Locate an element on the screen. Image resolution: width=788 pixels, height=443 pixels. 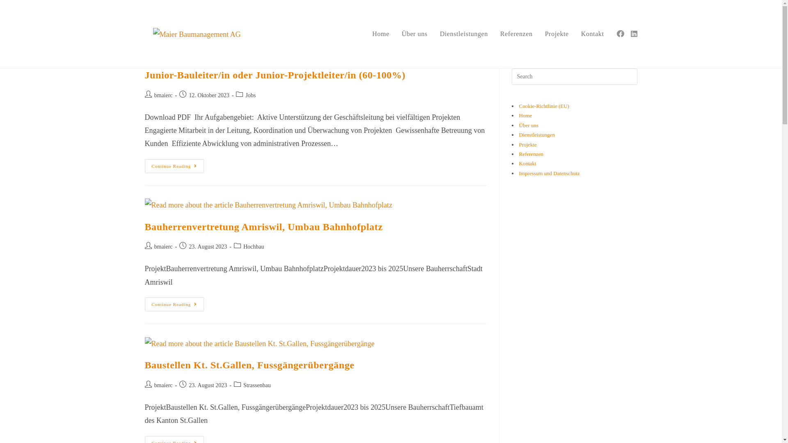
'Dienstleistungen' is located at coordinates (536, 134).